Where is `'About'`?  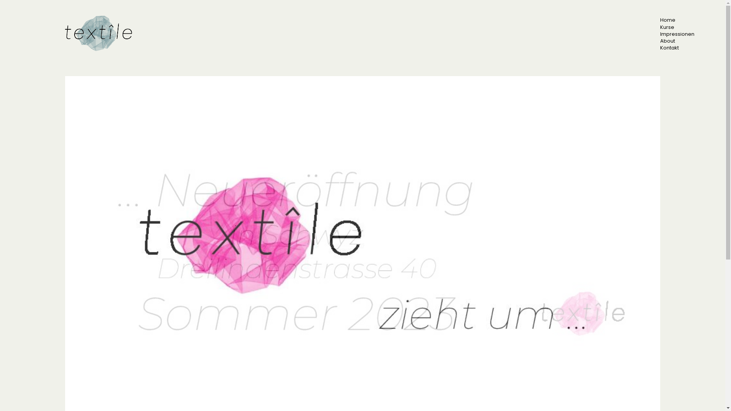
'About' is located at coordinates (659, 41).